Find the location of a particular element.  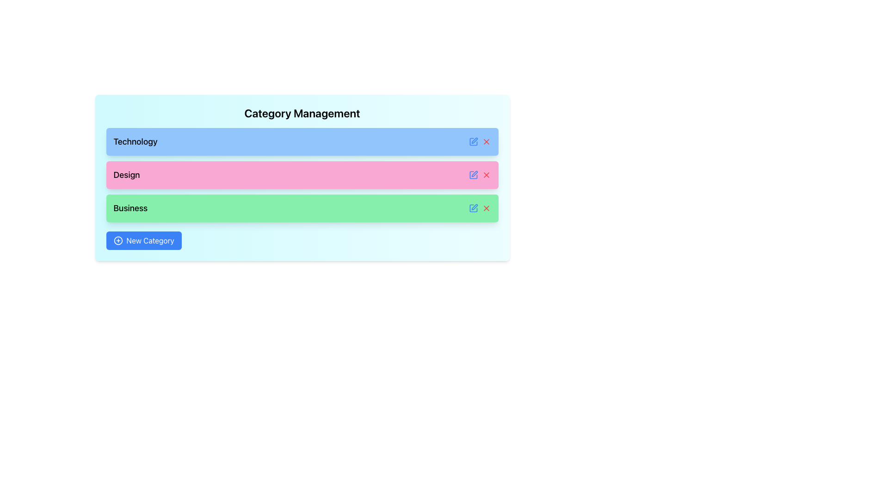

the vector-based icon depicting a square with a pen on its surface, located on the right edge of the pink bar titled 'Design' is located at coordinates (473, 175).